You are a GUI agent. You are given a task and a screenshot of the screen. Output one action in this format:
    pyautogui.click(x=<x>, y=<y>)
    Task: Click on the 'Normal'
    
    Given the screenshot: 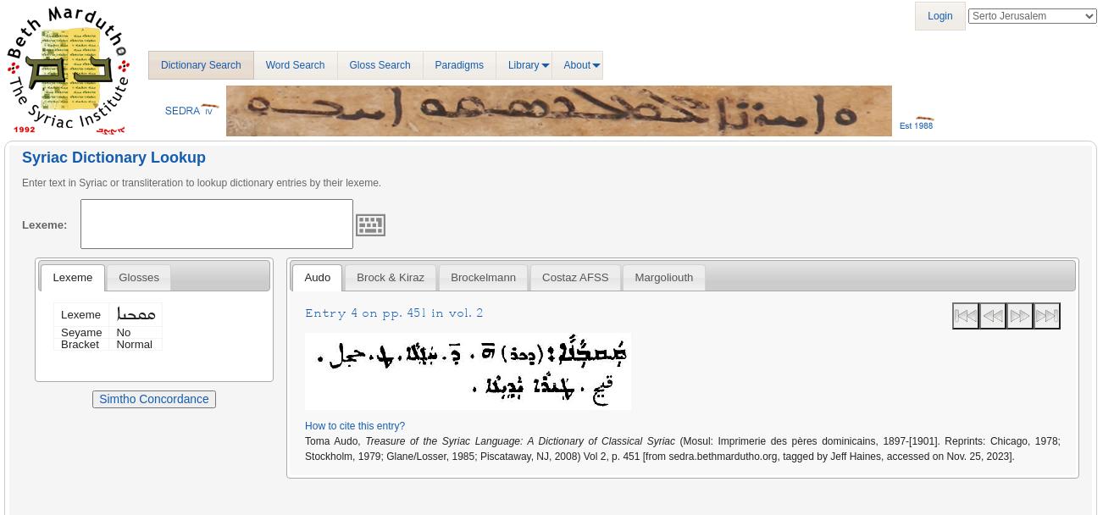 What is the action you would take?
    pyautogui.click(x=116, y=343)
    